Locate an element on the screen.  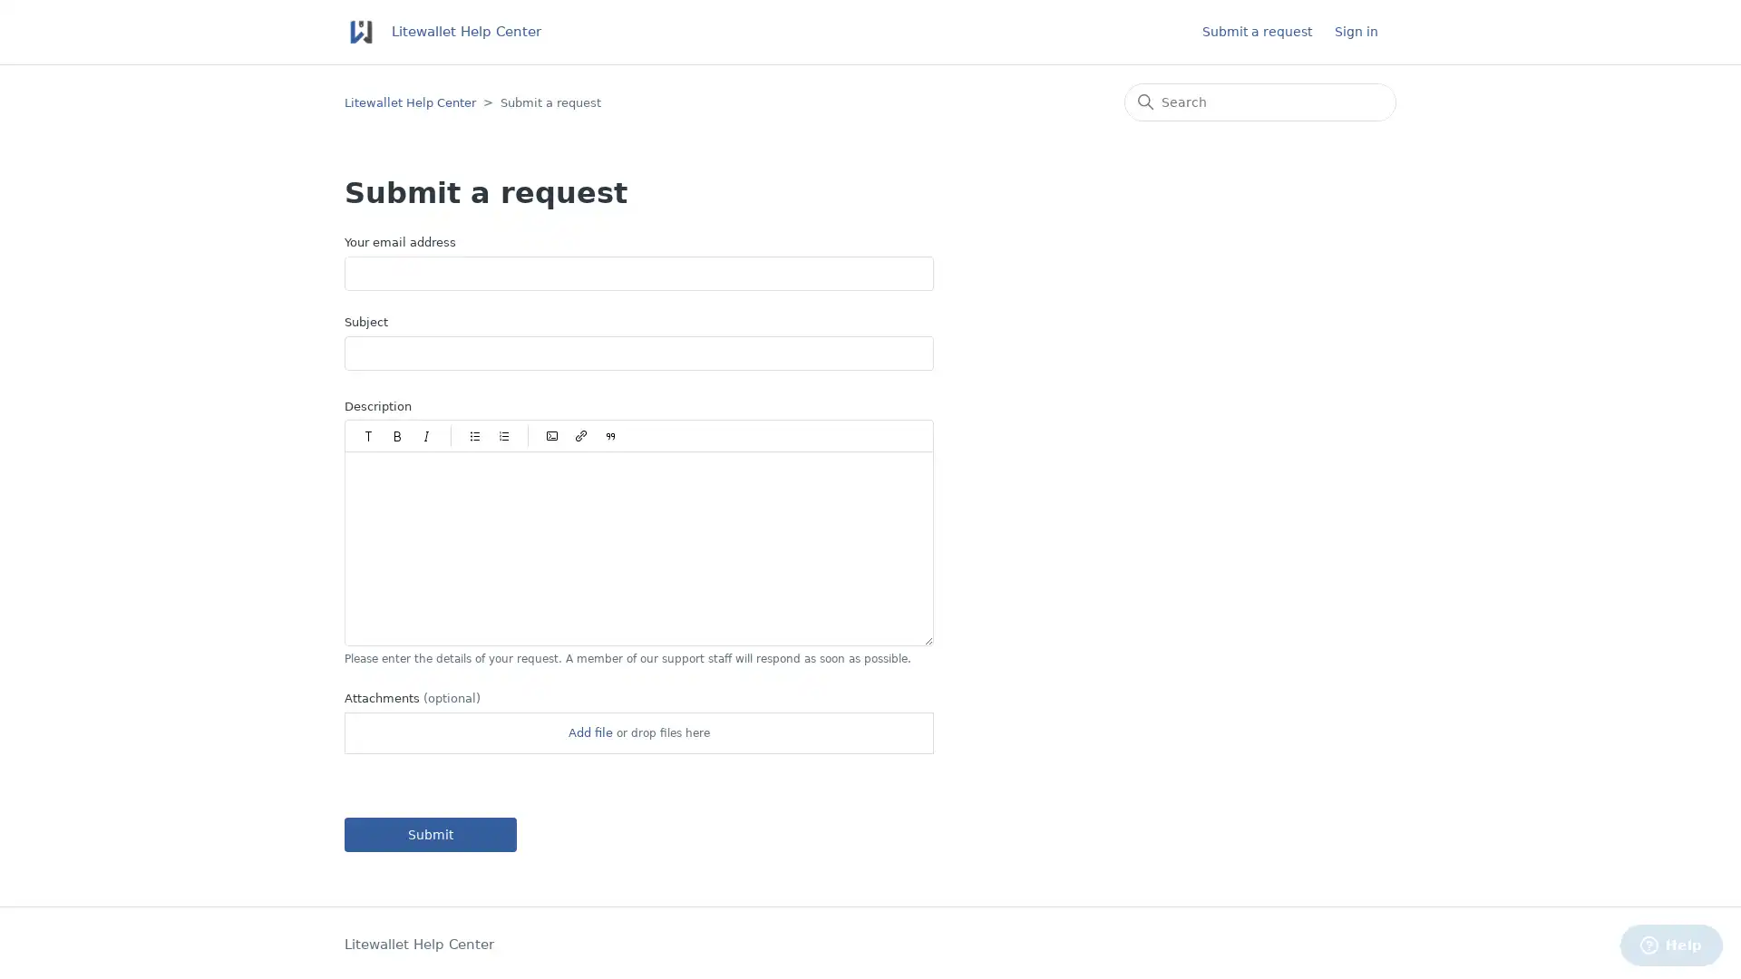
Sign in is located at coordinates (1366, 32).